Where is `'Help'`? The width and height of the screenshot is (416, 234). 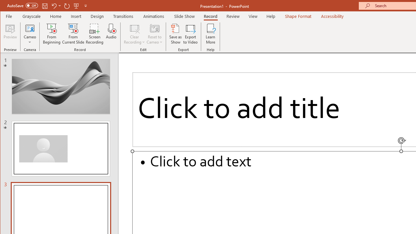 'Help' is located at coordinates (271, 16).